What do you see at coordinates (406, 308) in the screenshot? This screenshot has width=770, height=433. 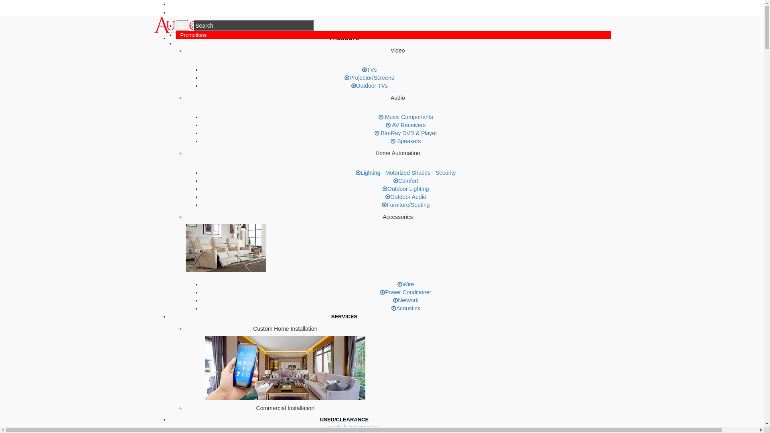 I see `'Acoustics'` at bounding box center [406, 308].